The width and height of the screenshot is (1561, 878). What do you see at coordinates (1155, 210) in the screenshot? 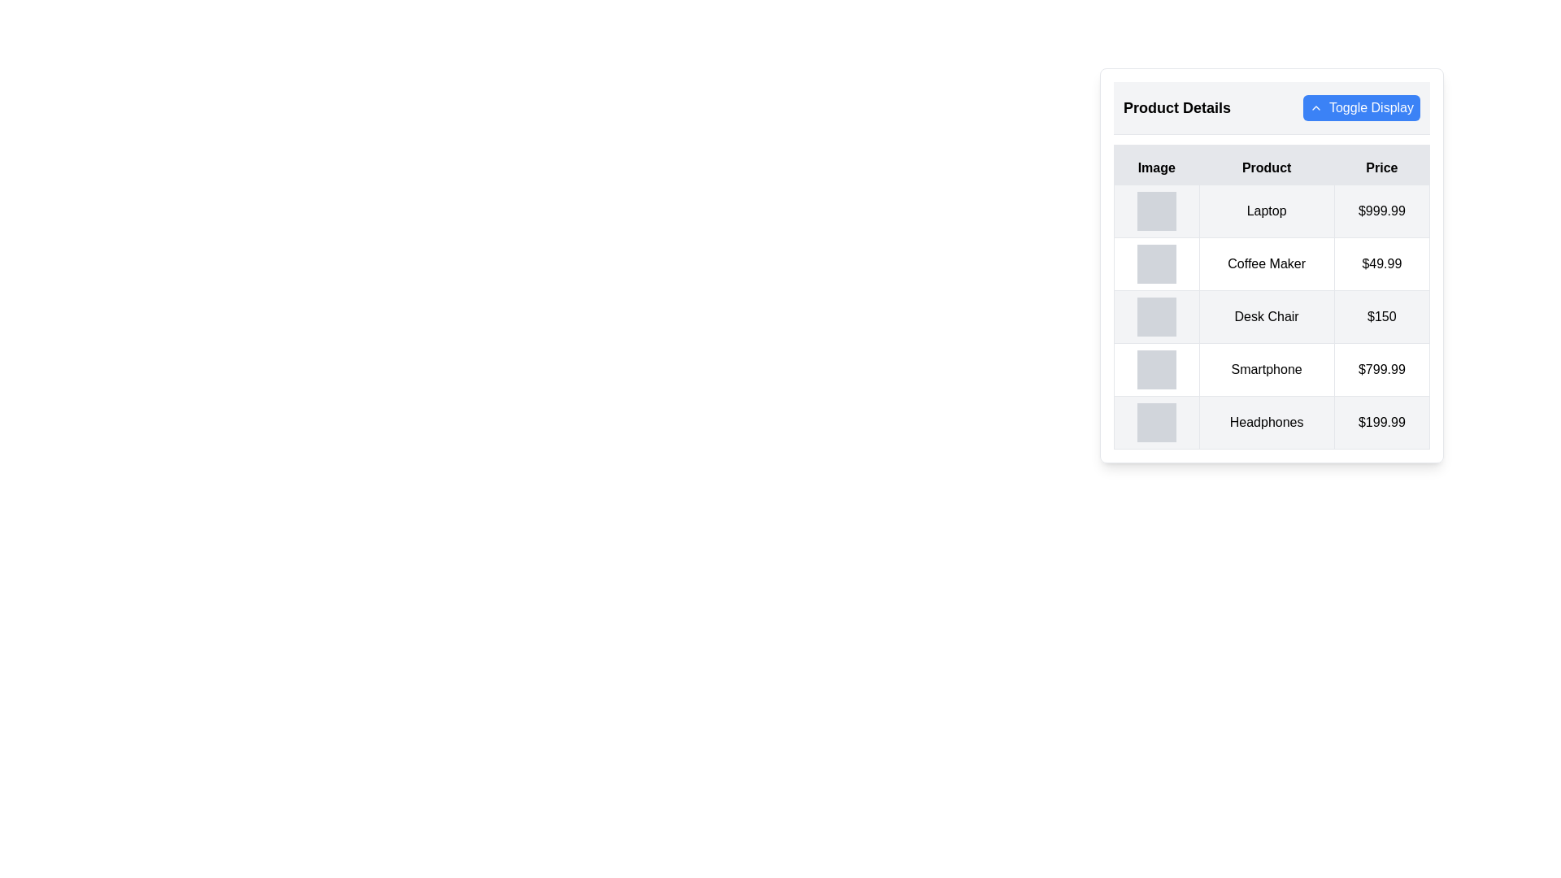
I see `the image content of the Image Placeholder located in the 'Product Details' panel, which is the first item in the 'Image' column next to the text 'Laptop'` at bounding box center [1155, 210].